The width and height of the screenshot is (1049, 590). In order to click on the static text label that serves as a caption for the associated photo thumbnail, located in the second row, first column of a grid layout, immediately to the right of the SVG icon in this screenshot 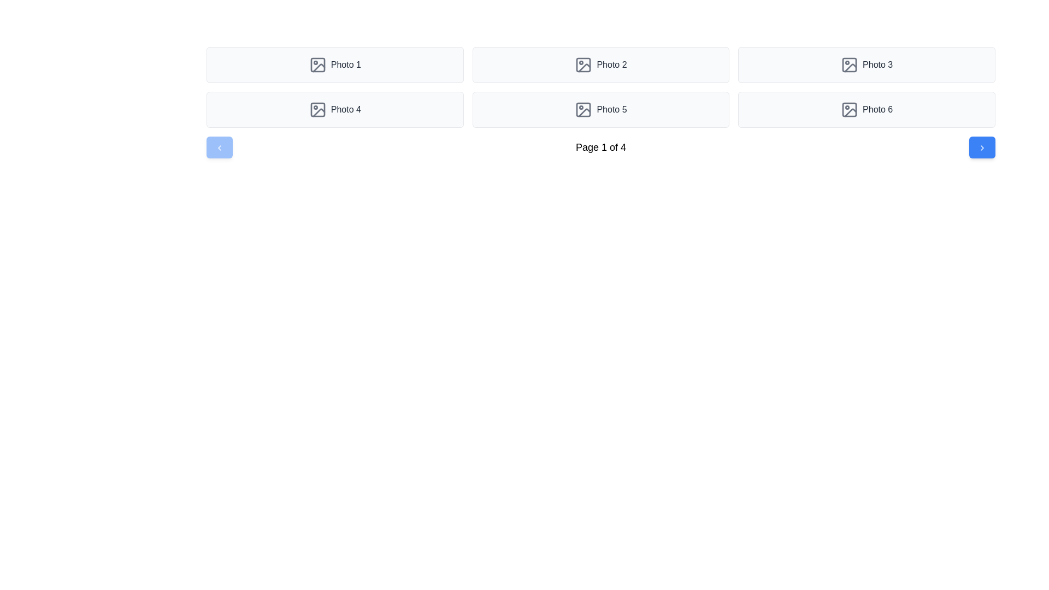, I will do `click(345, 109)`.